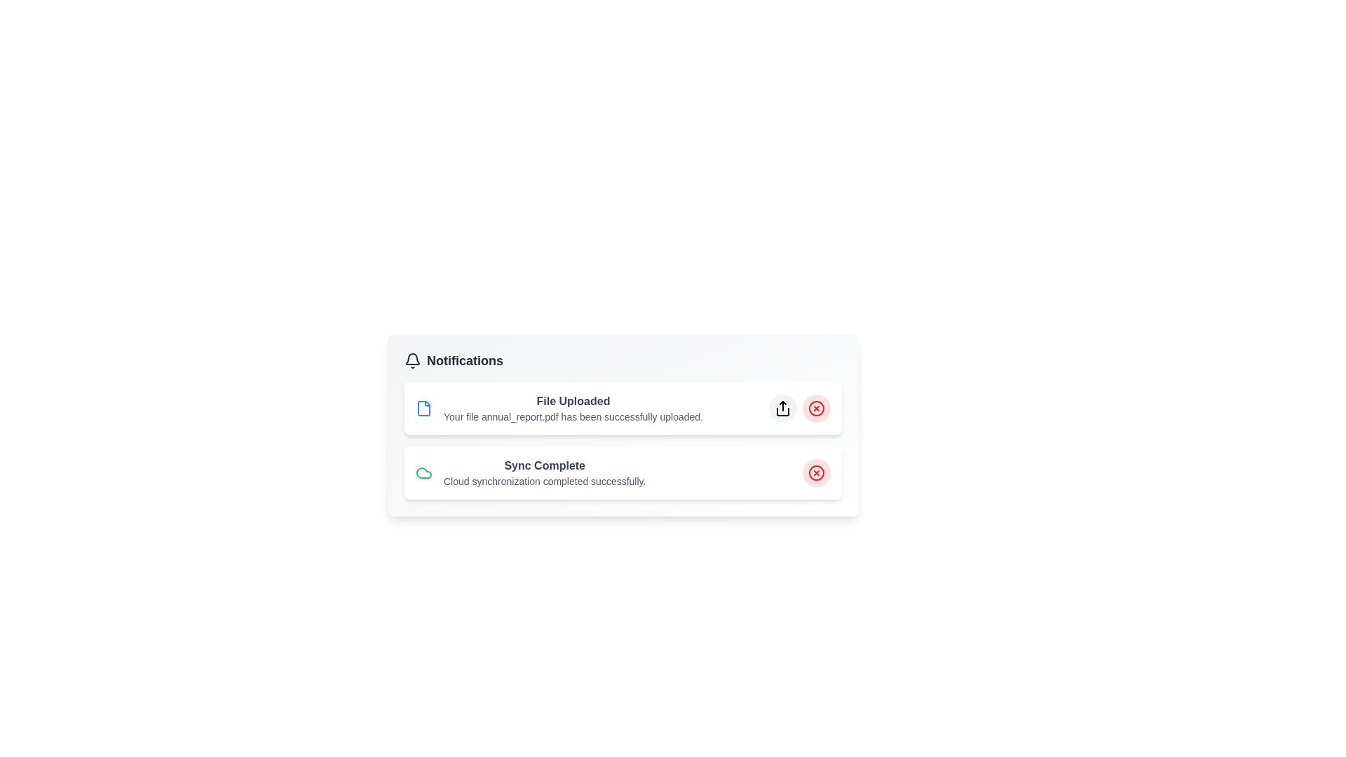 The width and height of the screenshot is (1346, 757). Describe the element at coordinates (817, 473) in the screenshot. I see `the circular red button with a white 'X' symbol located at the far-right side of the 'Sync Complete' notification card to change its background shade` at that location.